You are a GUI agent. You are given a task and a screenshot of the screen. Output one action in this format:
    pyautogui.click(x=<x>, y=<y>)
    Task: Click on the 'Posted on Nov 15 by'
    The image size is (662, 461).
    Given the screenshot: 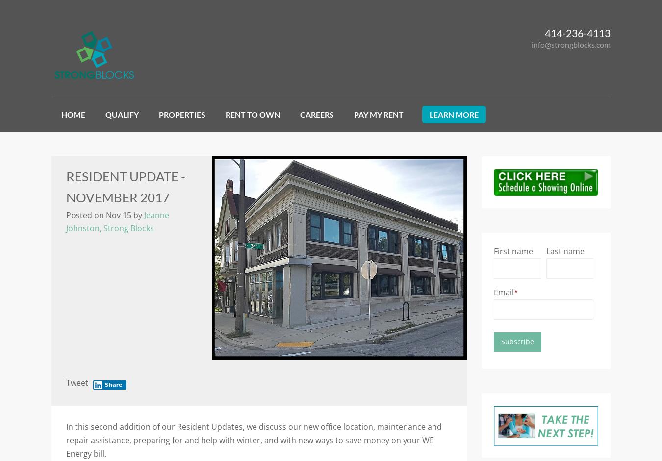 What is the action you would take?
    pyautogui.click(x=104, y=215)
    